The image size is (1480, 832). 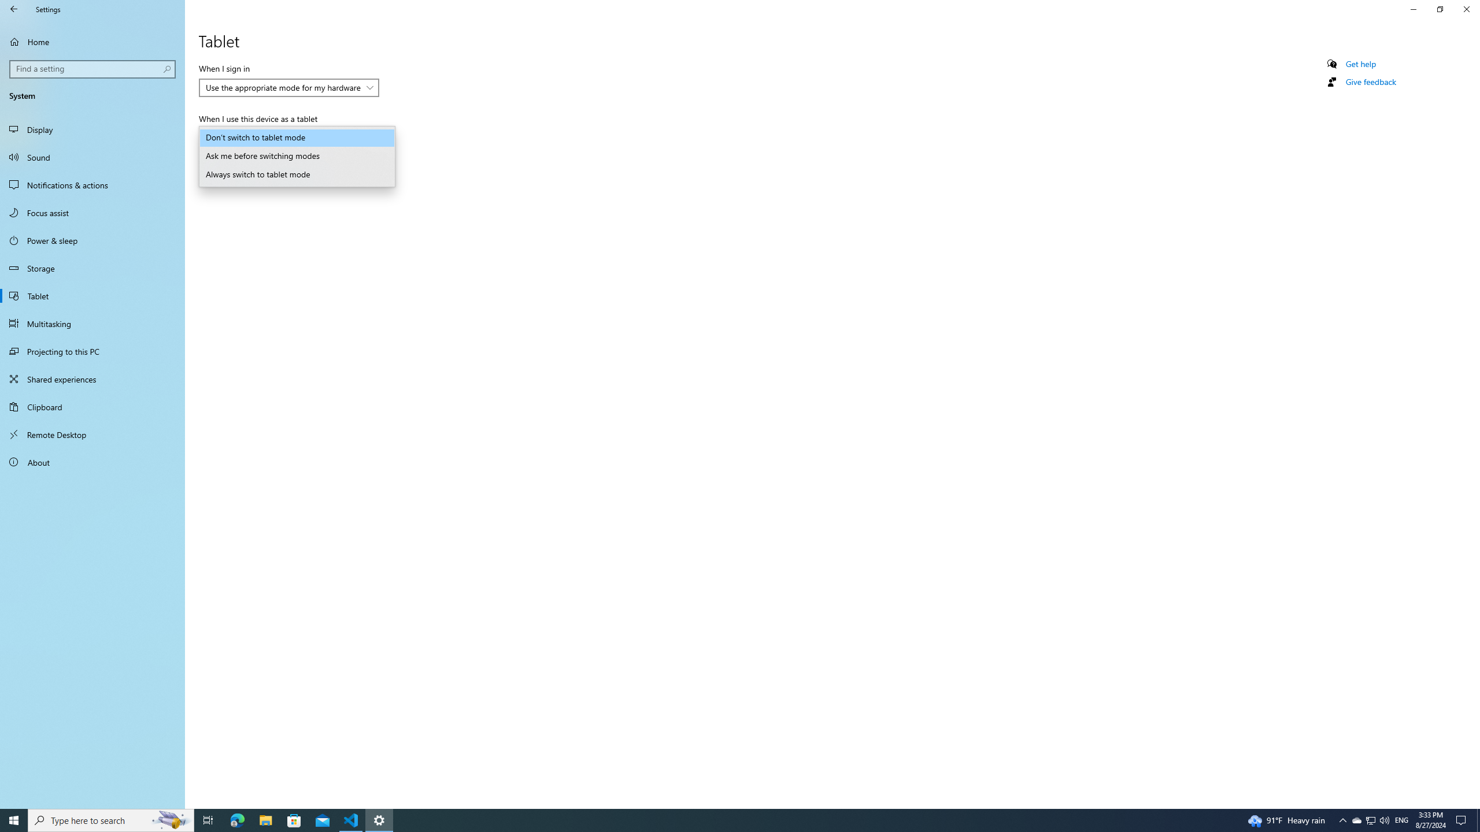 What do you see at coordinates (92, 434) in the screenshot?
I see `'Remote Desktop'` at bounding box center [92, 434].